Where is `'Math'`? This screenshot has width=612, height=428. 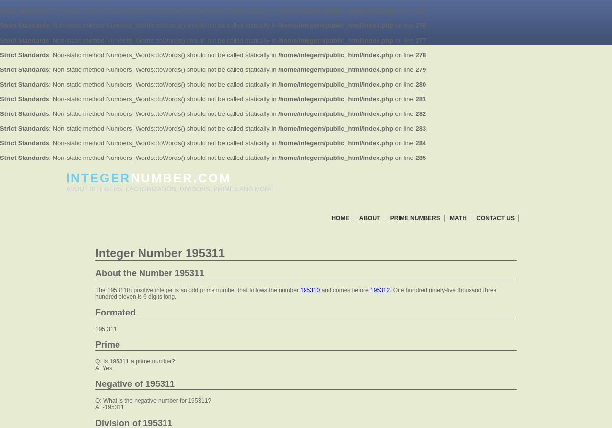
'Math' is located at coordinates (458, 218).